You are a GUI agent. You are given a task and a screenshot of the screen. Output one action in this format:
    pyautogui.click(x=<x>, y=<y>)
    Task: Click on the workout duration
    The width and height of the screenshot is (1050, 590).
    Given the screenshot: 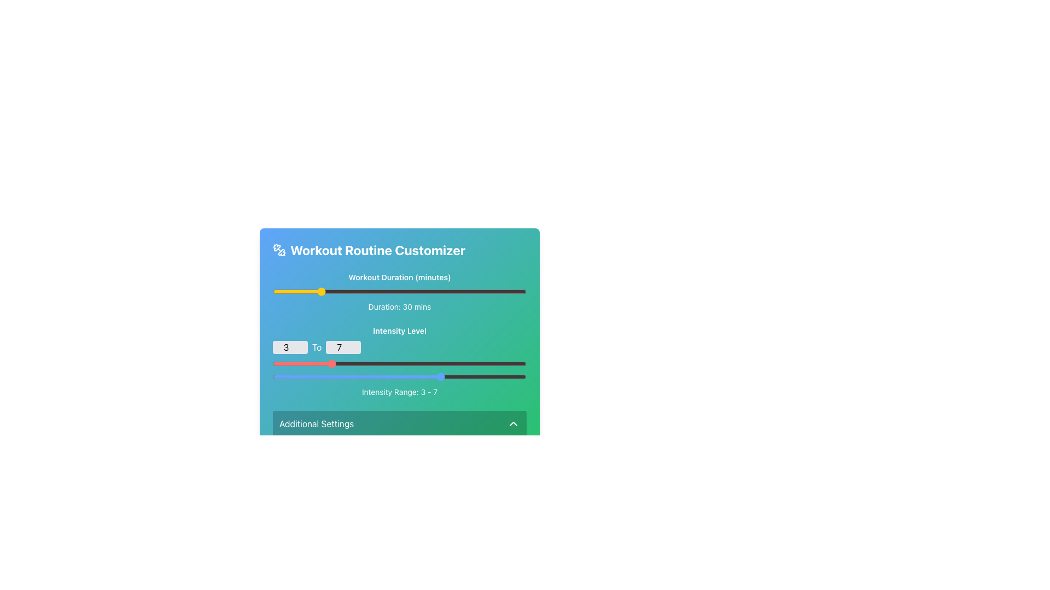 What is the action you would take?
    pyautogui.click(x=493, y=291)
    